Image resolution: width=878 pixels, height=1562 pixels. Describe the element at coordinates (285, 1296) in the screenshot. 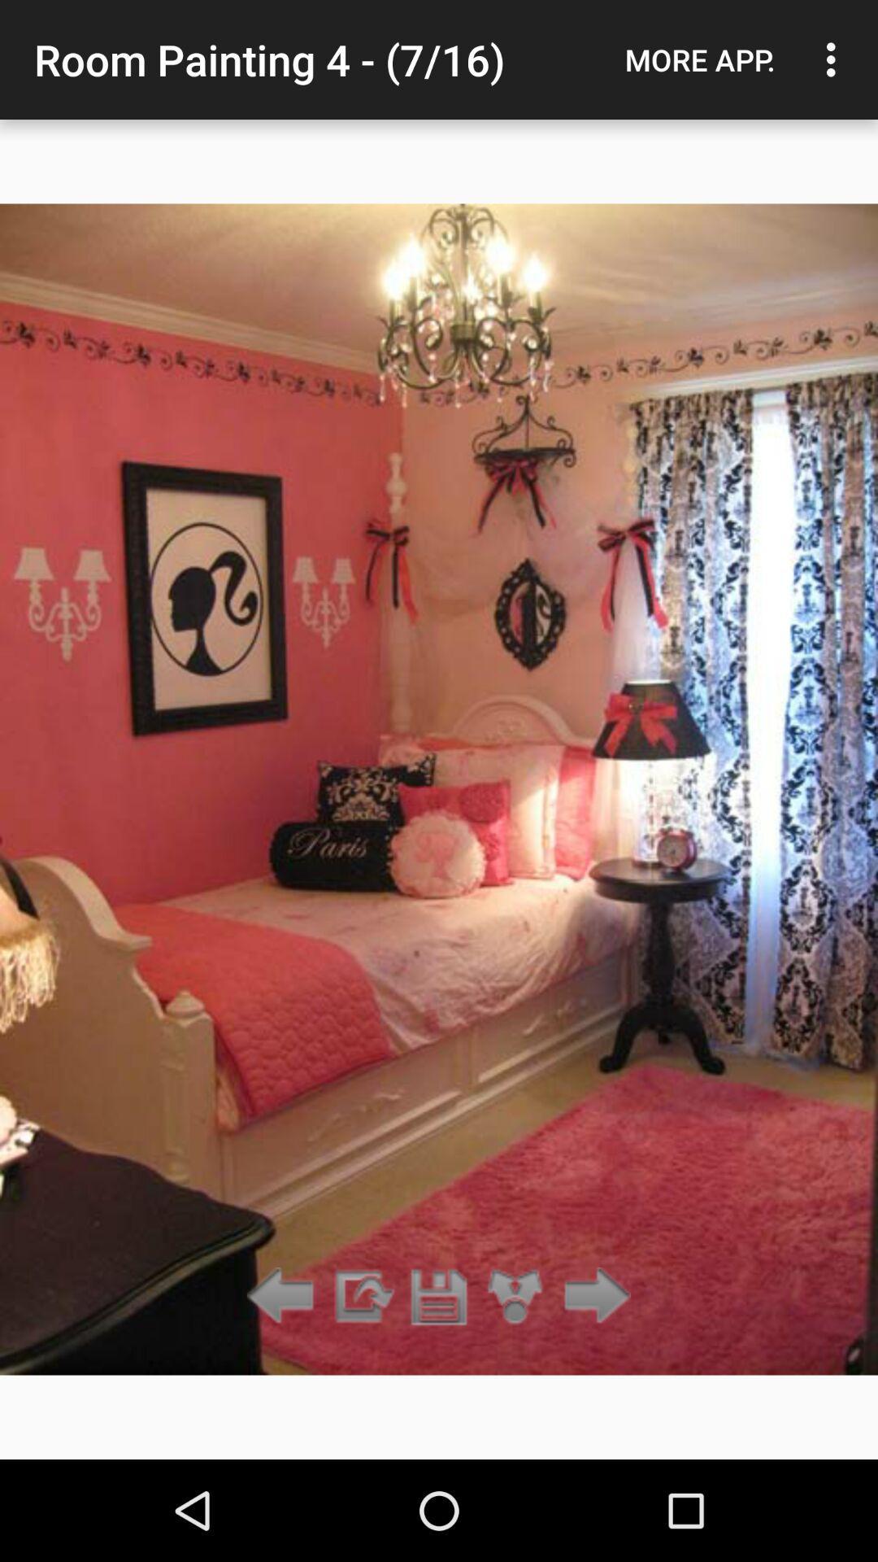

I see `go back` at that location.